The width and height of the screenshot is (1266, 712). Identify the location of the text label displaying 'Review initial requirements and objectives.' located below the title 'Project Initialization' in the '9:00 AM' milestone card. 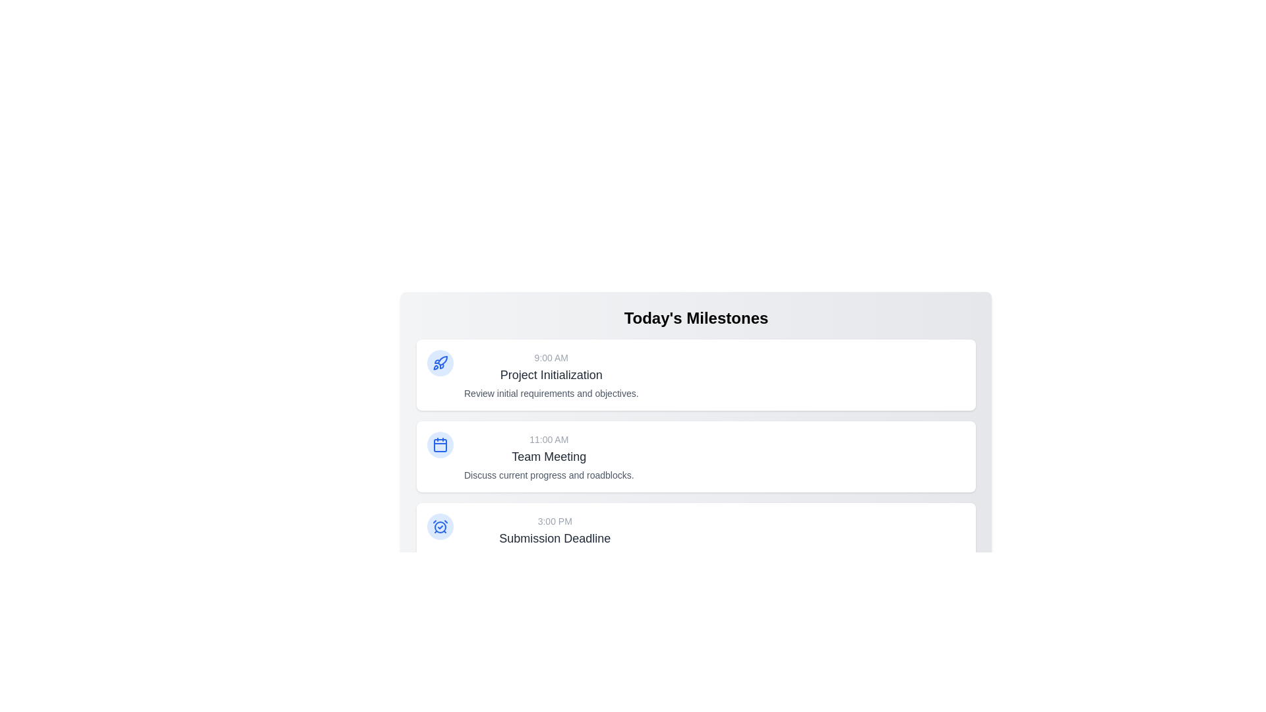
(551, 393).